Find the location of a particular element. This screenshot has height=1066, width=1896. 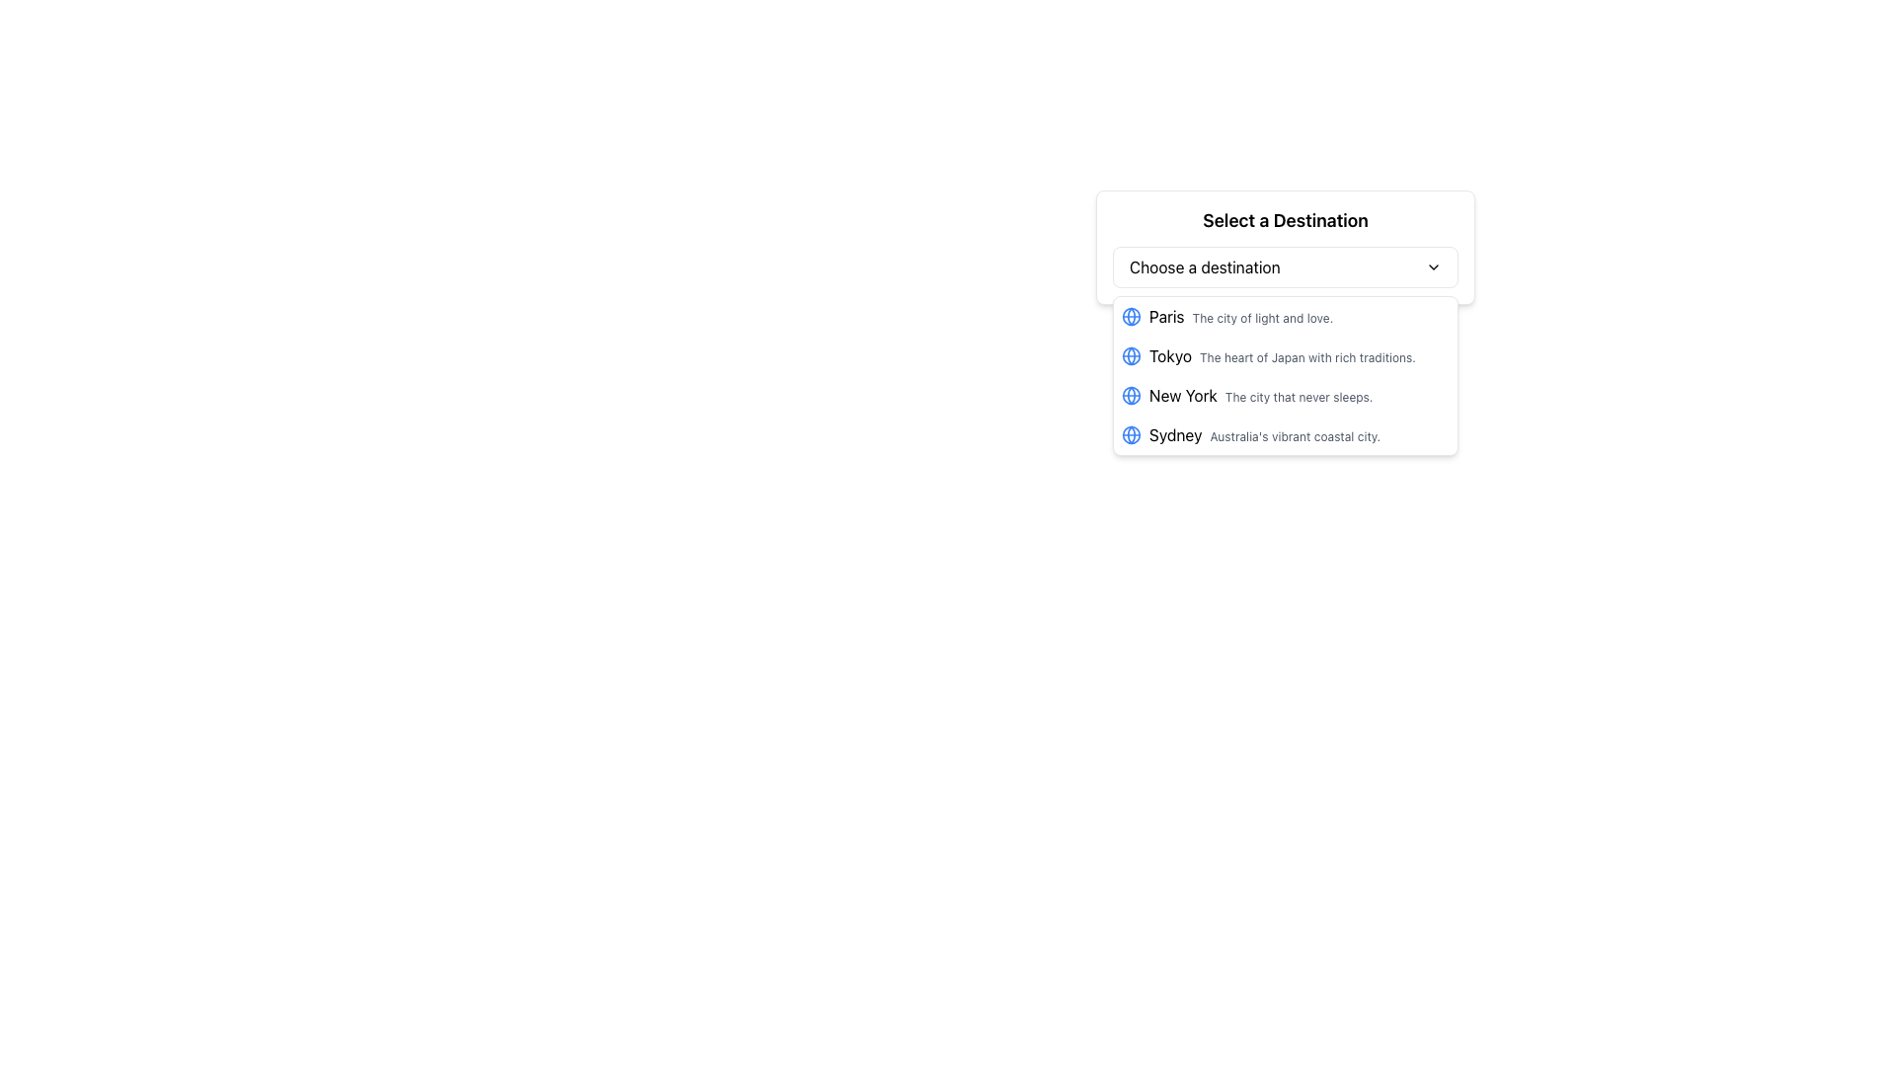

the first selectable item in the dropdown menu for the destination 'Paris' is located at coordinates (1285, 315).